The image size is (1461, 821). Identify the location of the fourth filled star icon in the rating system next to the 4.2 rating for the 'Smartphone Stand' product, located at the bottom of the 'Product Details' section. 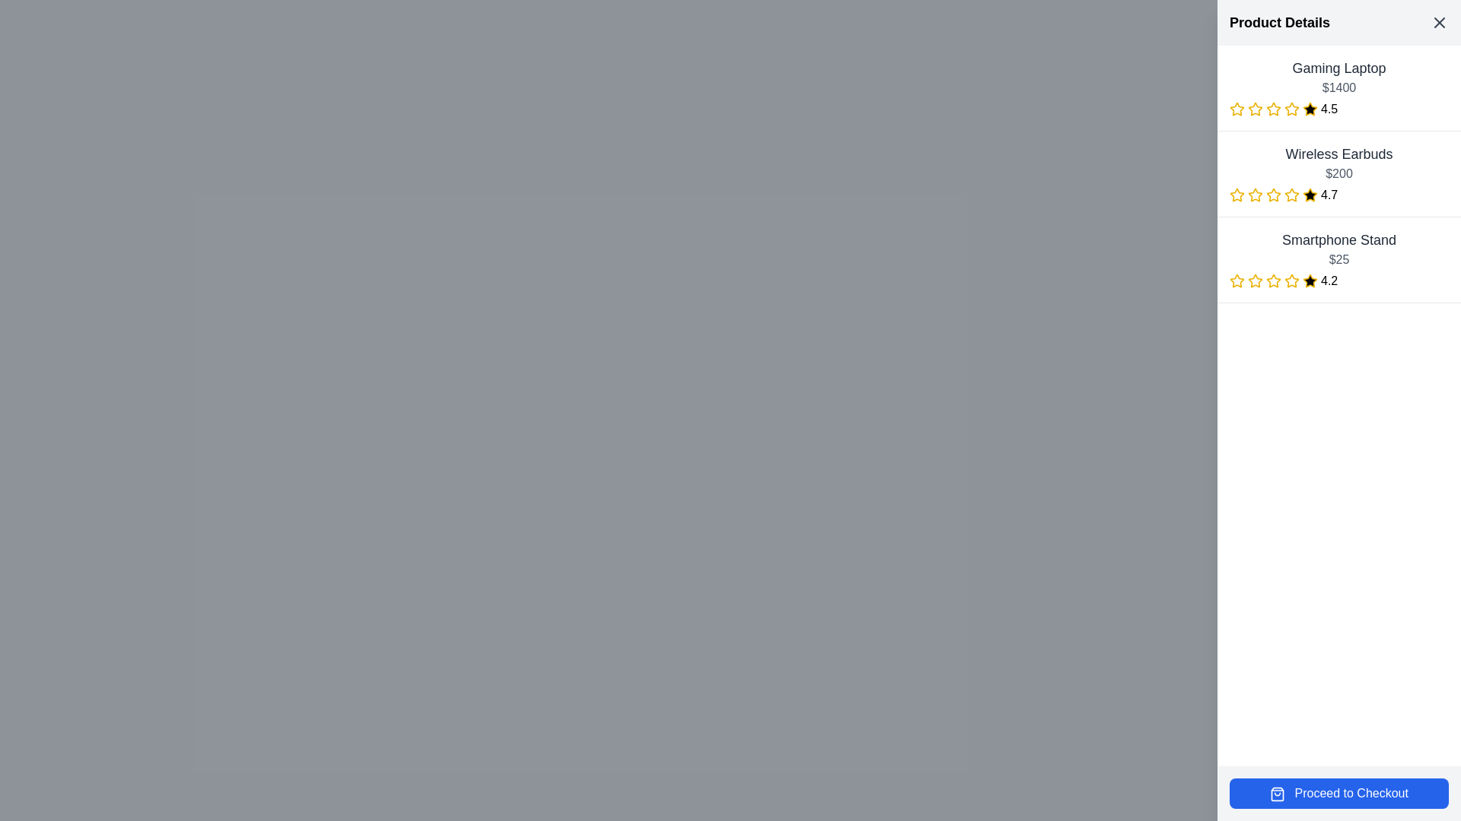
(1310, 281).